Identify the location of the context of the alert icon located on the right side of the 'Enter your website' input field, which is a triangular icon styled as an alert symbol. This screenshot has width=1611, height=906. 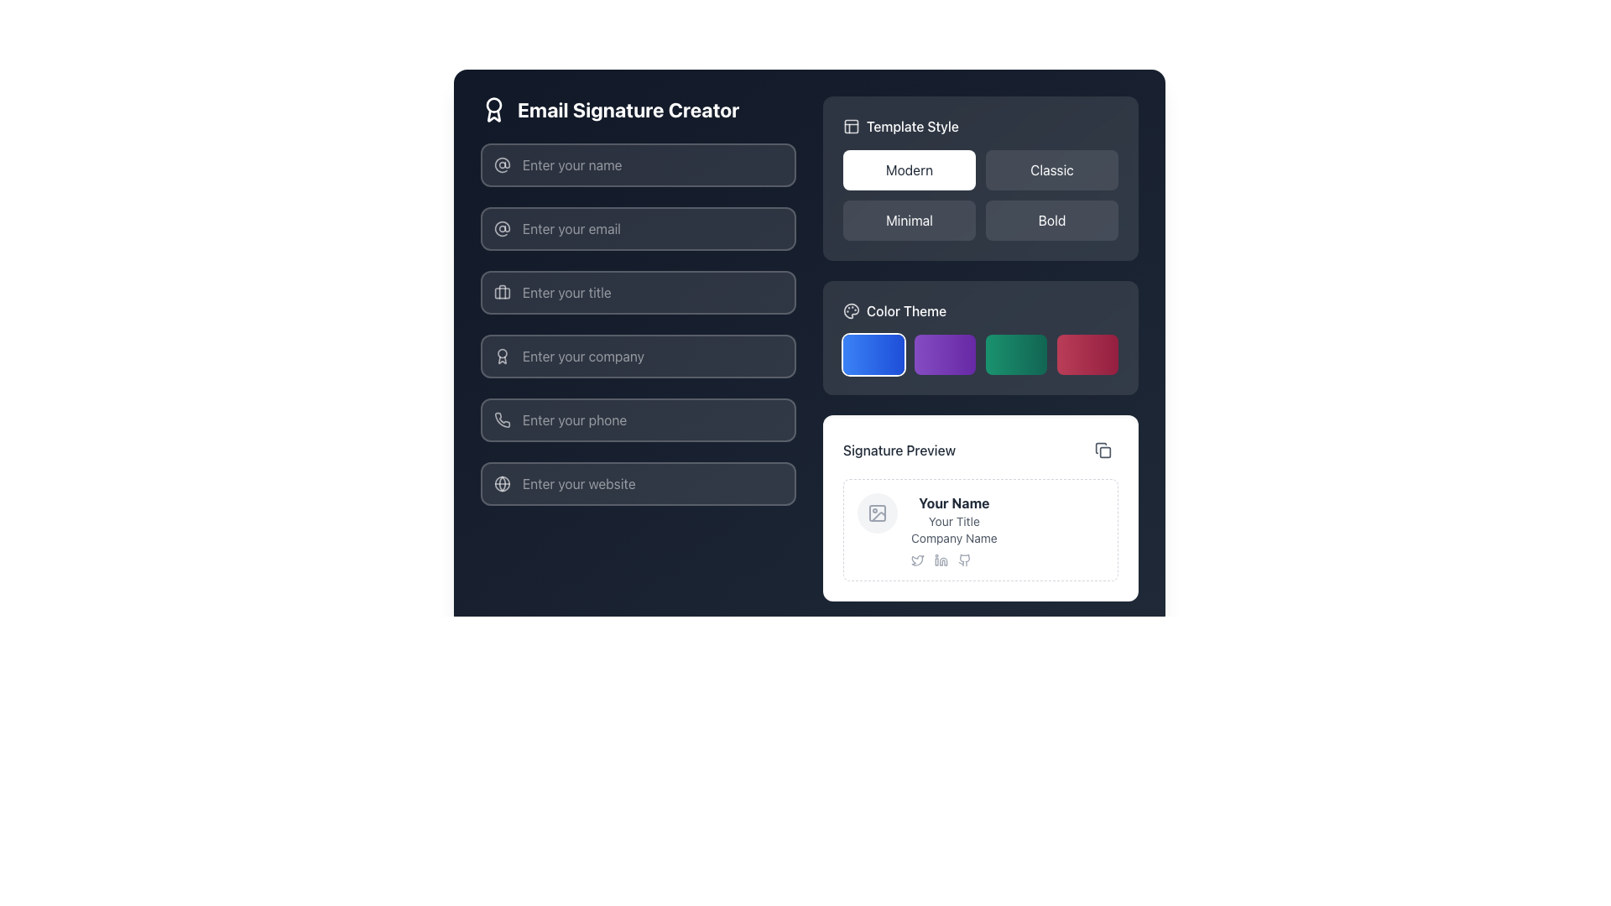
(718, 497).